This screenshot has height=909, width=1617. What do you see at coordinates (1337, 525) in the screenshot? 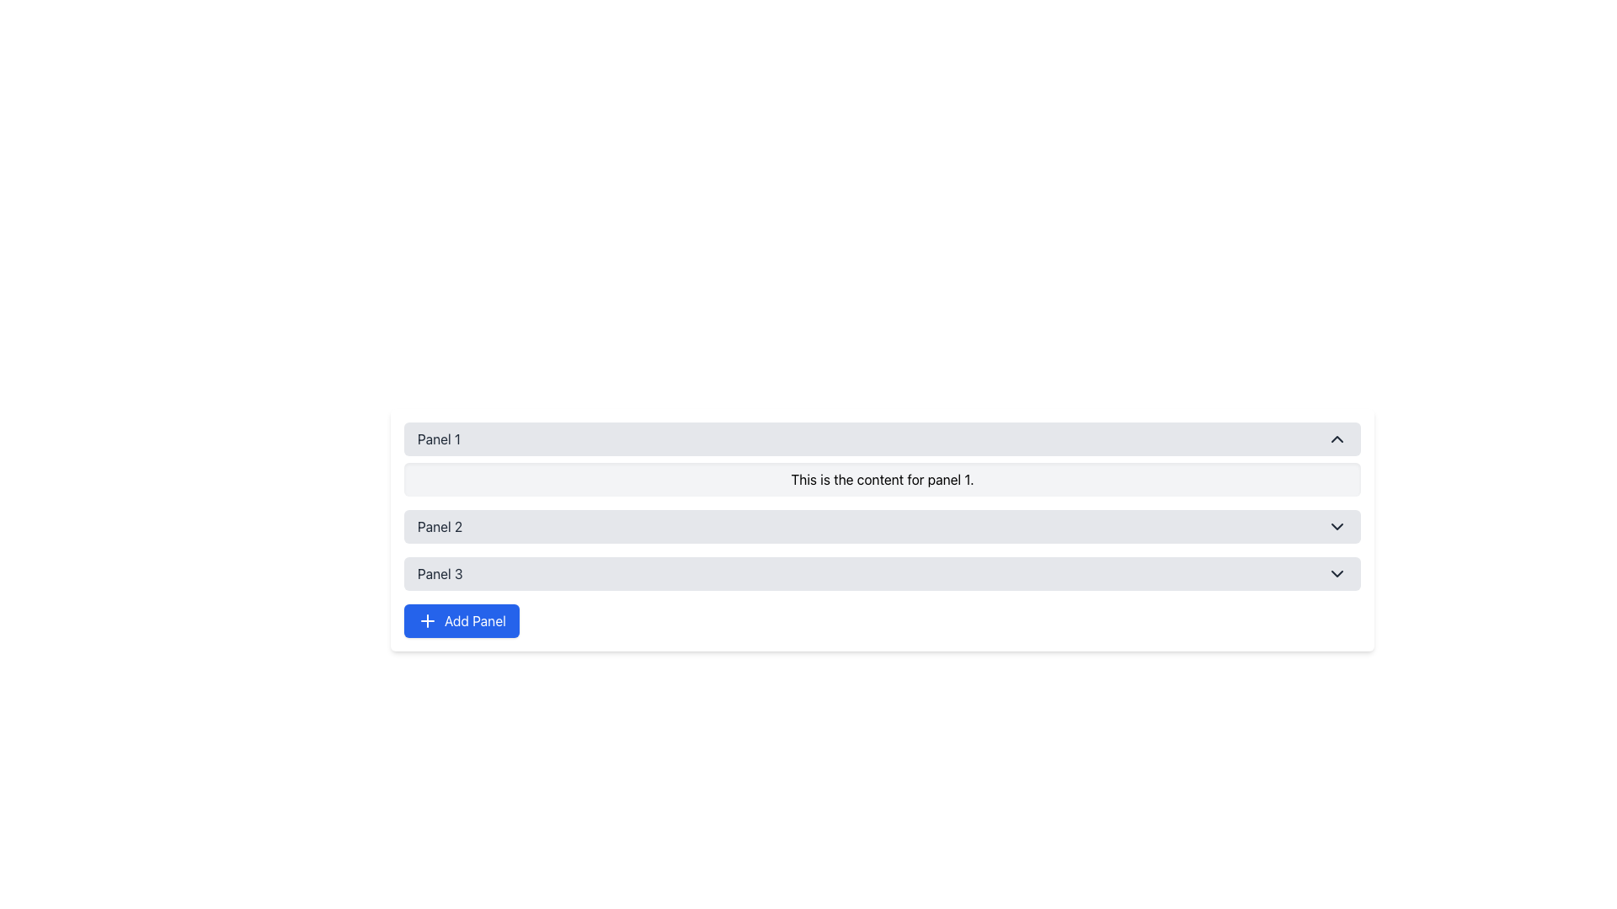
I see `the interactive toggle icon located at the right end of the 'Panel 2' header` at bounding box center [1337, 525].